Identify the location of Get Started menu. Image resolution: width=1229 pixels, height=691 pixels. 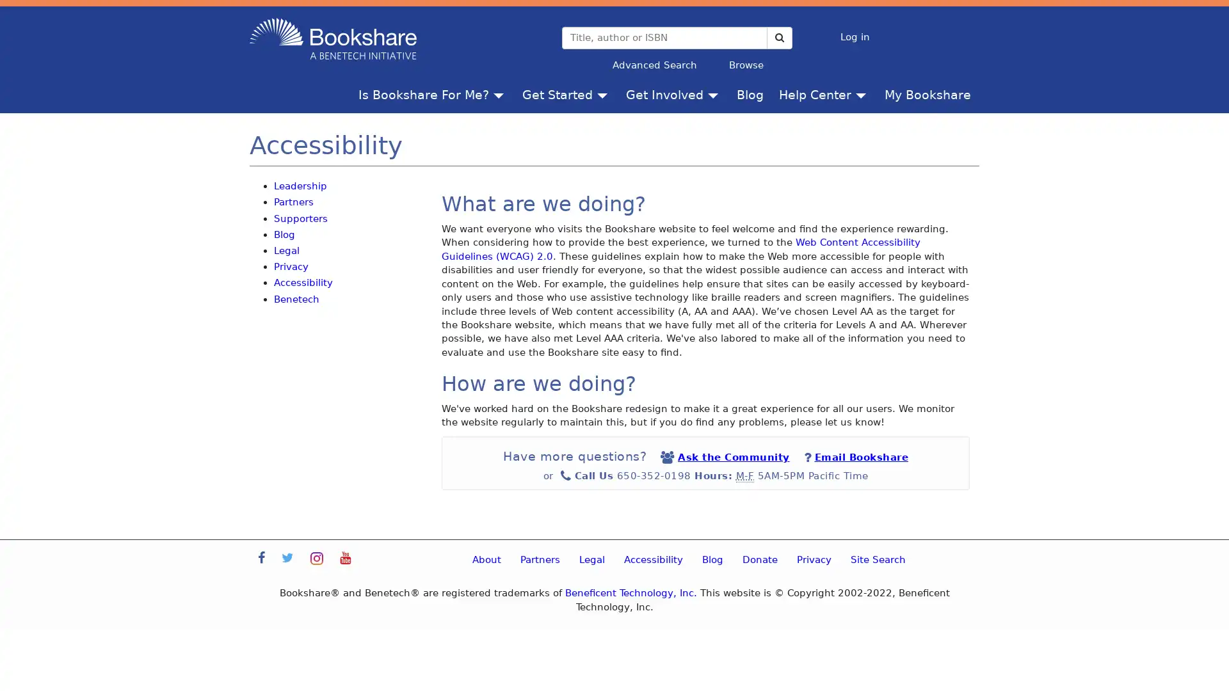
(604, 93).